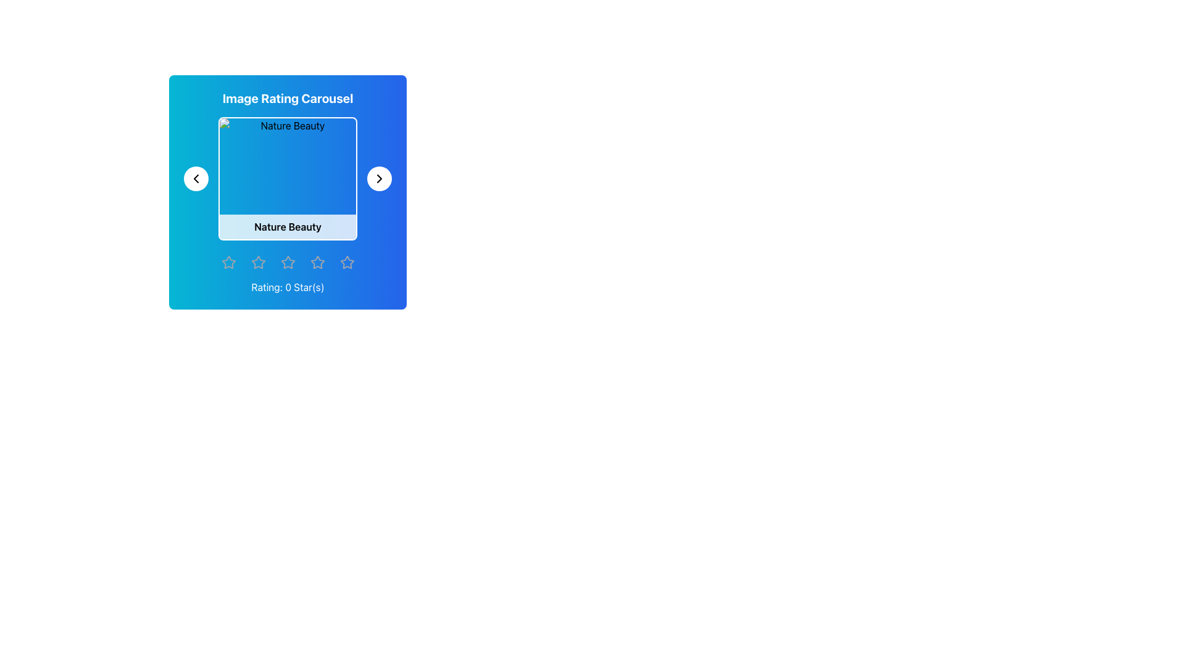 The width and height of the screenshot is (1185, 666). Describe the element at coordinates (228, 261) in the screenshot. I see `the first star in the Star Rating Button component located beneath the image rating widget labeled 'Rating: 0 Star(s)'` at that location.